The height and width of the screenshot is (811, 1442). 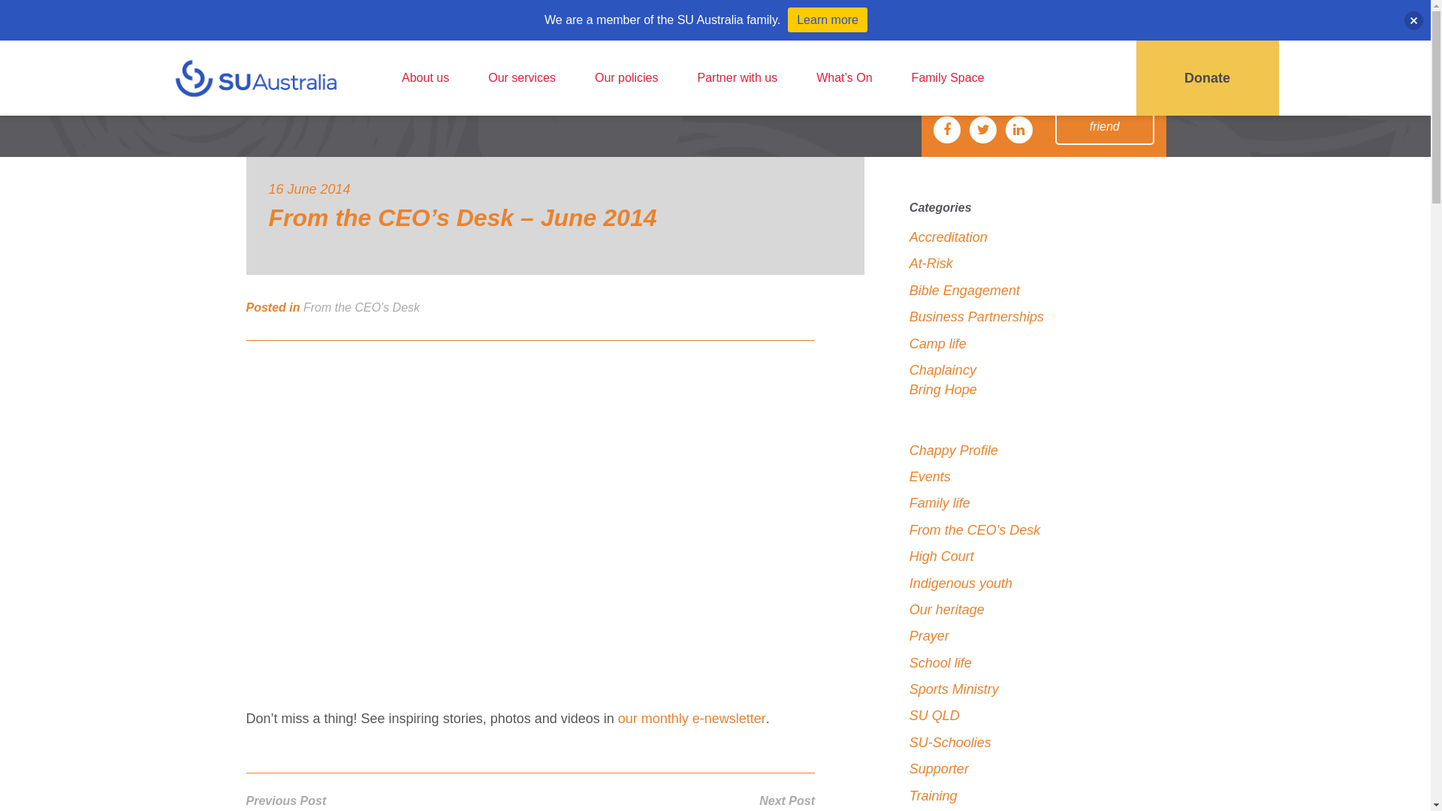 What do you see at coordinates (928, 636) in the screenshot?
I see `'Prayer'` at bounding box center [928, 636].